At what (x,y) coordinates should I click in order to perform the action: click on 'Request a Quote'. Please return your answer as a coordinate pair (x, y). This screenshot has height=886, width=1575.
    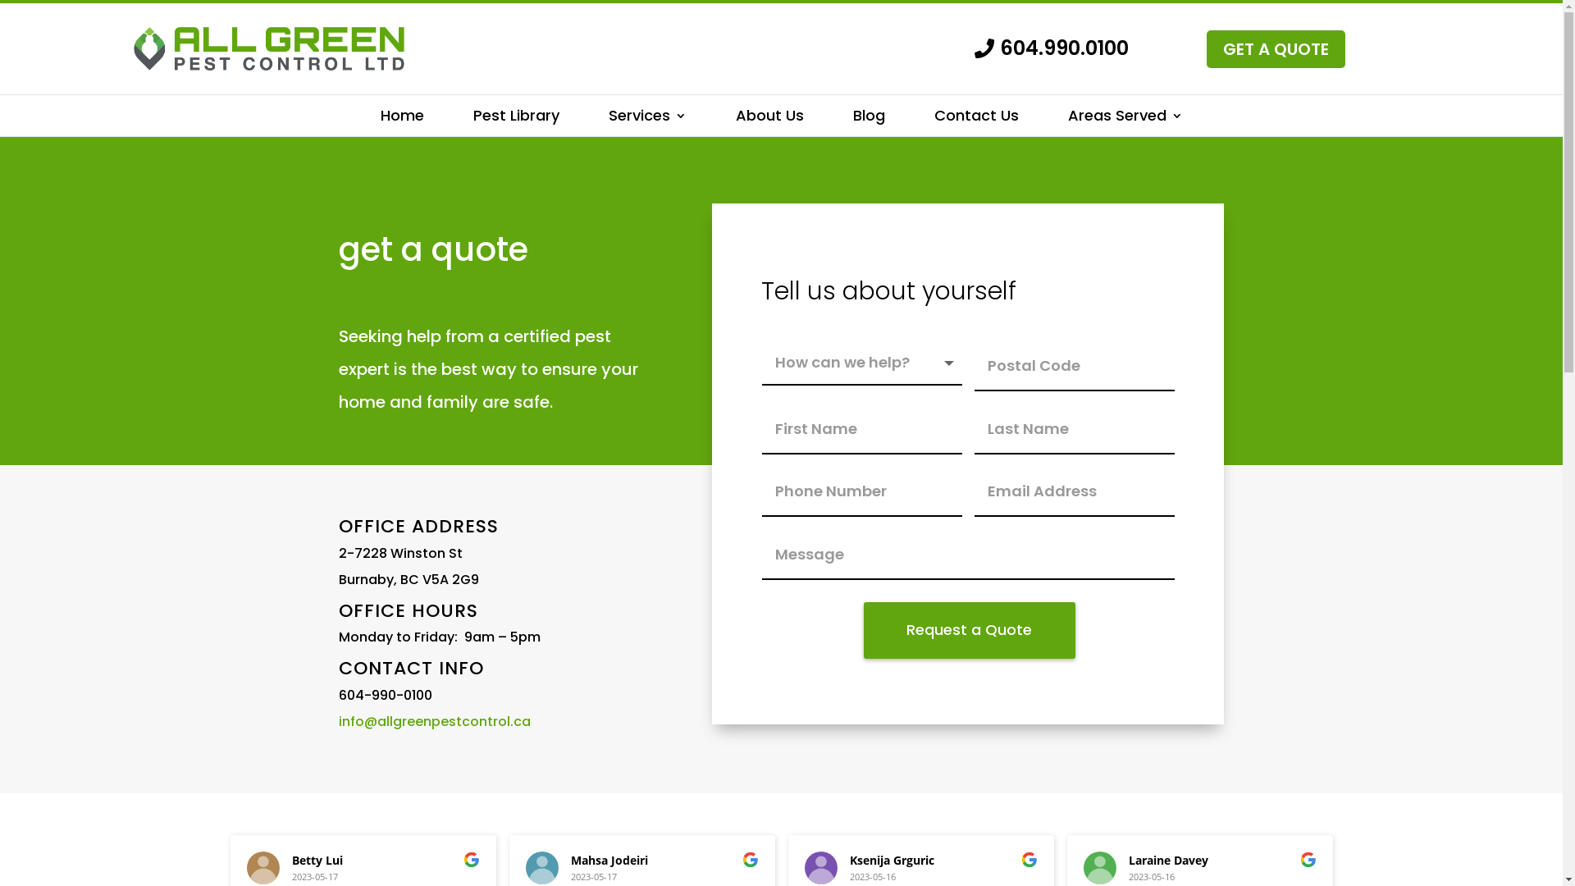
    Looking at the image, I should click on (969, 629).